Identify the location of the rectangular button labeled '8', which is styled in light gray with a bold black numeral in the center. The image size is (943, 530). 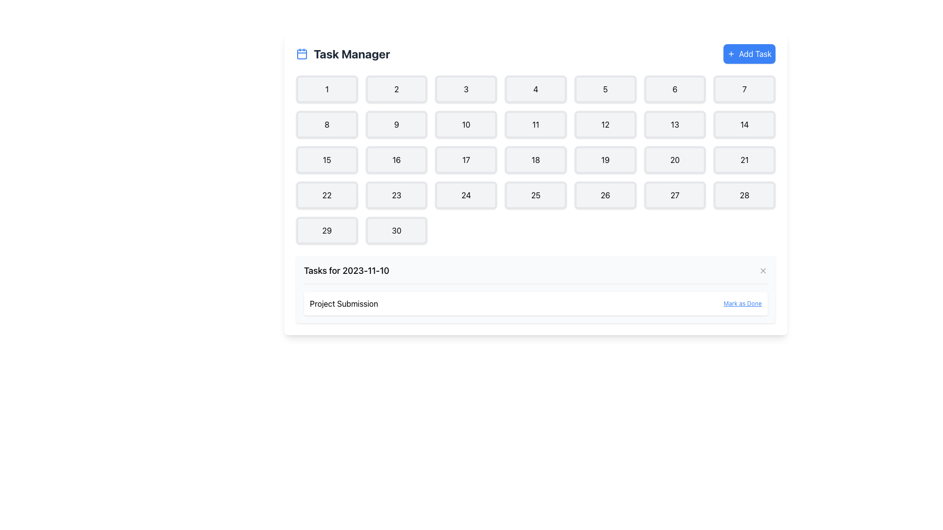
(327, 124).